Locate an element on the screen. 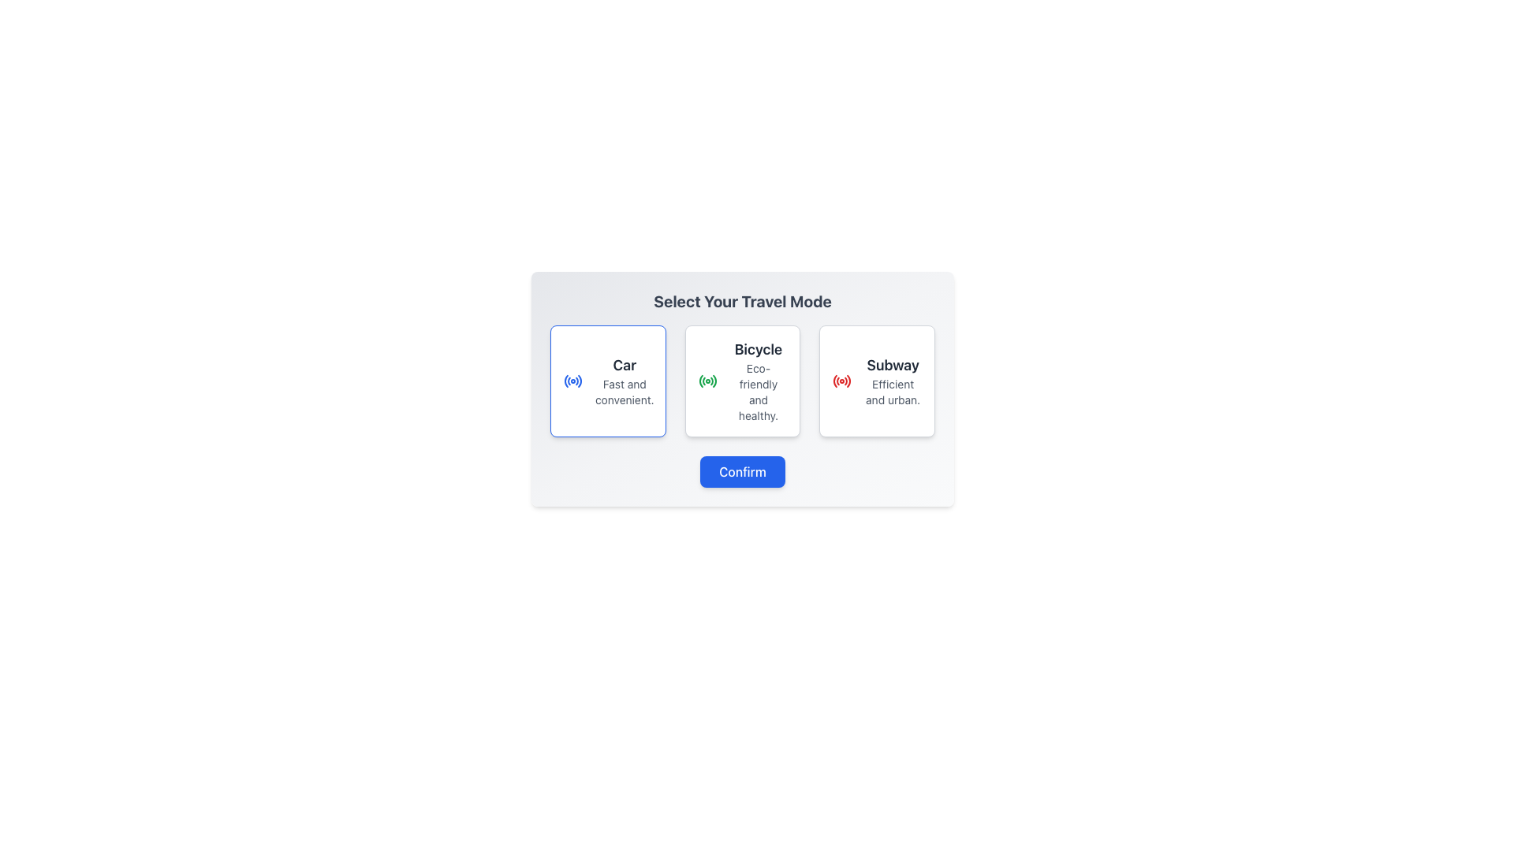  text displayed in the card about the bicycle, which highlights its eco-friendly and health benefits is located at coordinates (758, 381).